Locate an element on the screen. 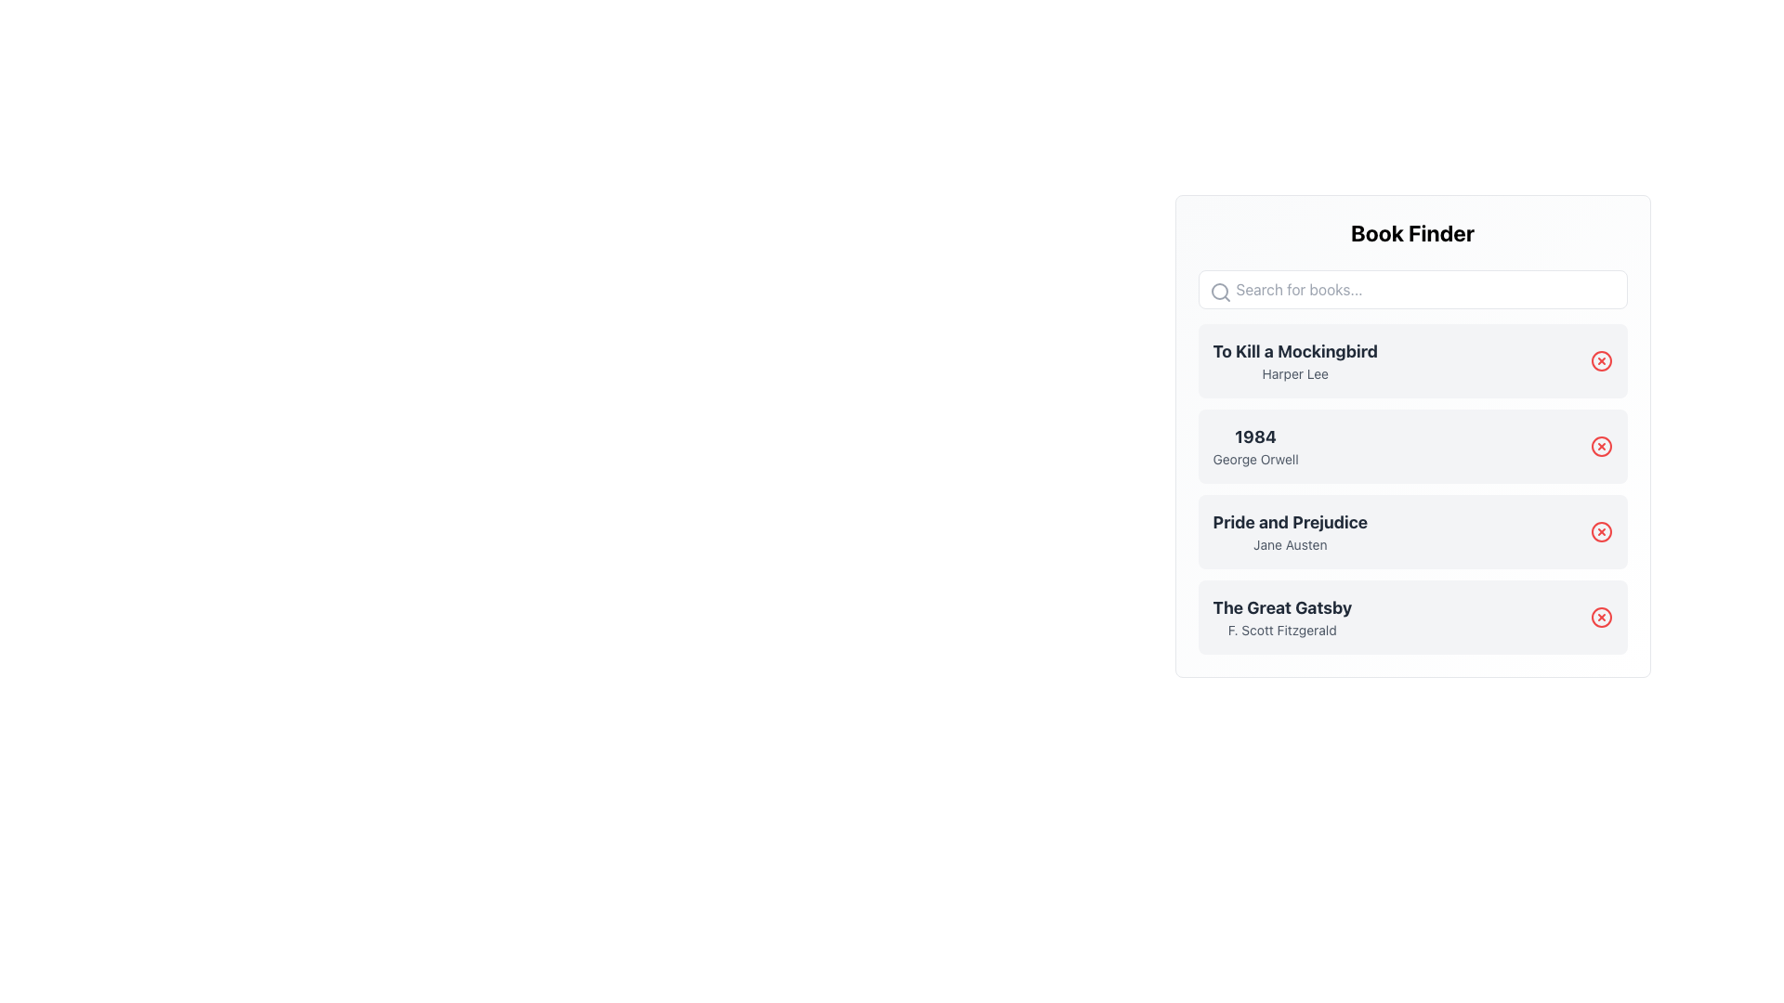  the '1984' text label is located at coordinates (1255, 436).